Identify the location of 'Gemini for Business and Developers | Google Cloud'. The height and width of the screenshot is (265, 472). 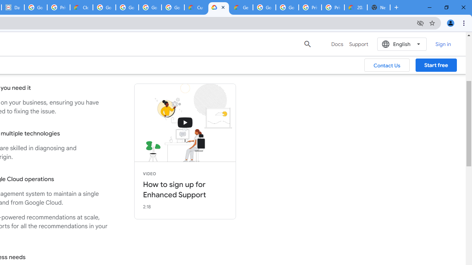
(241, 7).